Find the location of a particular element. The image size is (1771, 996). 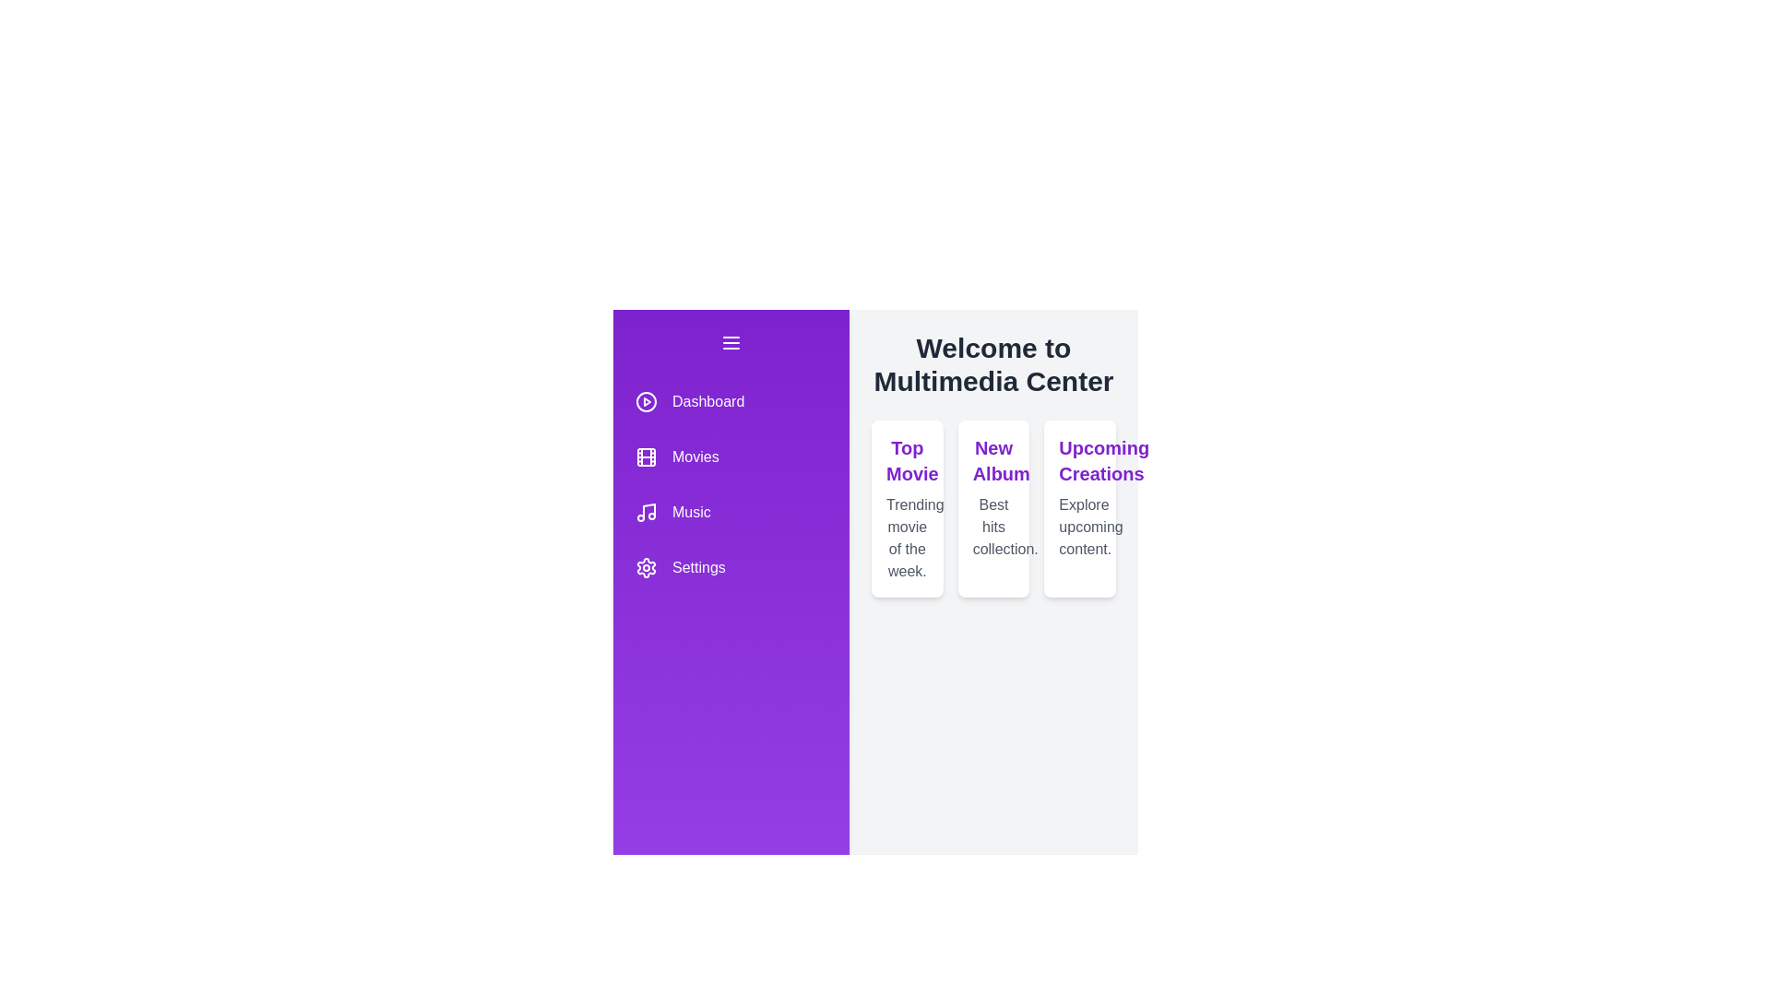

the menu item Settings to select it is located at coordinates (730, 567).